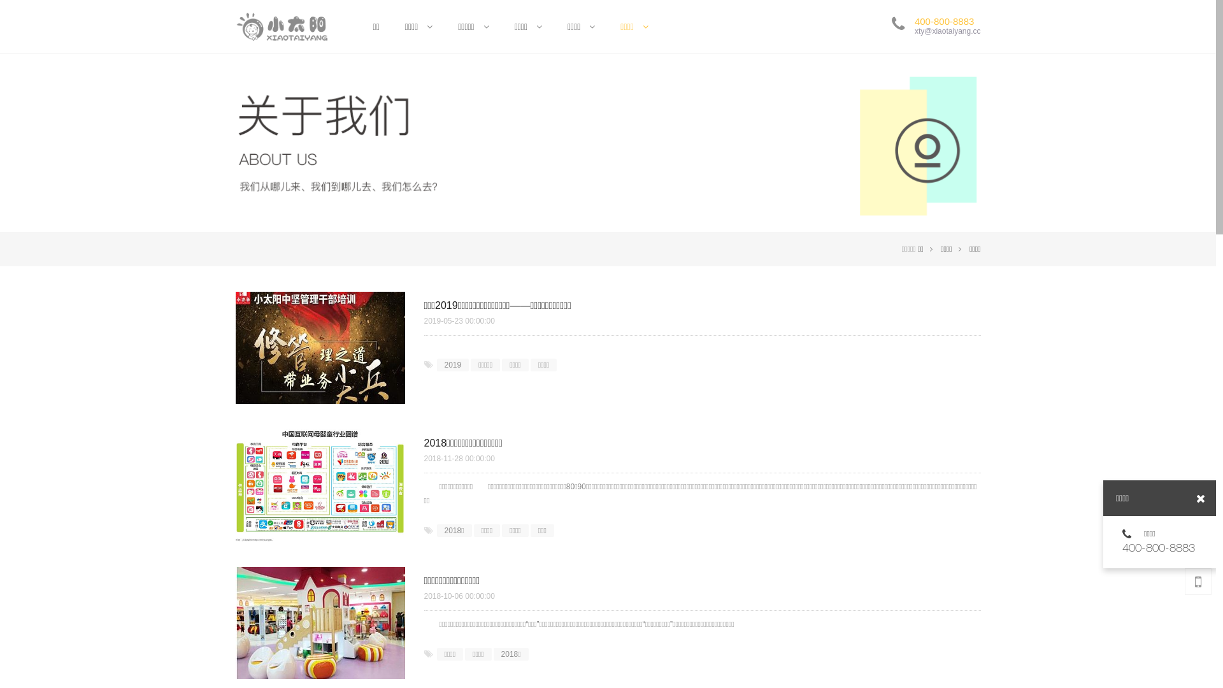 The width and height of the screenshot is (1223, 688). What do you see at coordinates (453, 365) in the screenshot?
I see `'2019'` at bounding box center [453, 365].